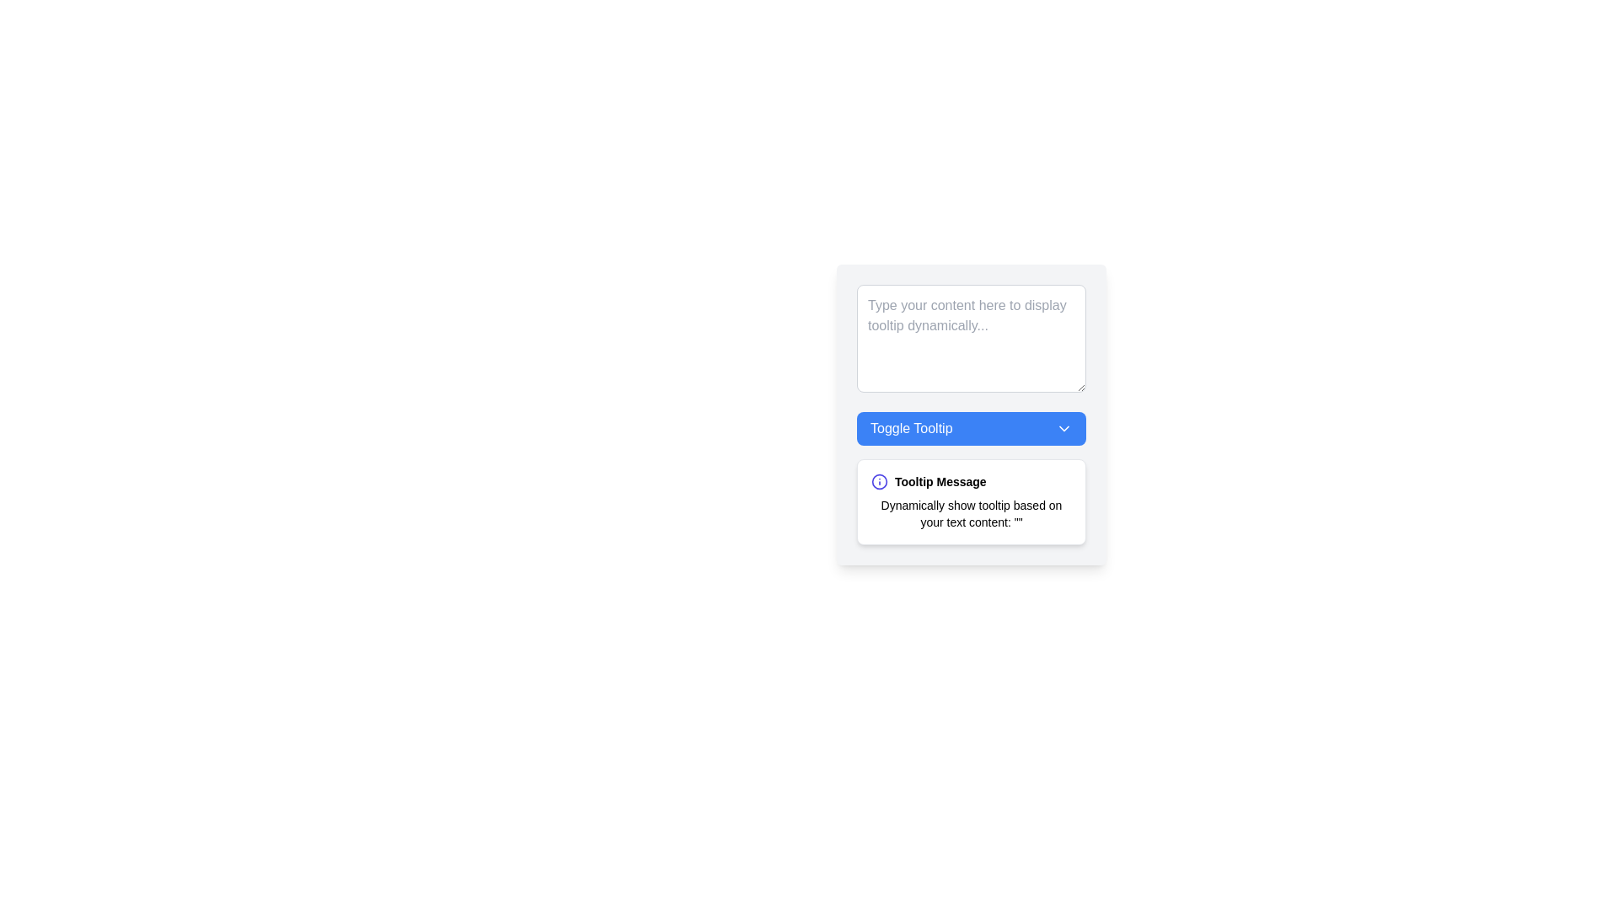 The width and height of the screenshot is (1618, 910). Describe the element at coordinates (878, 481) in the screenshot. I see `the small circular icon with a white background and purple outline containing an 'i' symbol, which is located to the left of the text 'Tooltip Message'` at that location.